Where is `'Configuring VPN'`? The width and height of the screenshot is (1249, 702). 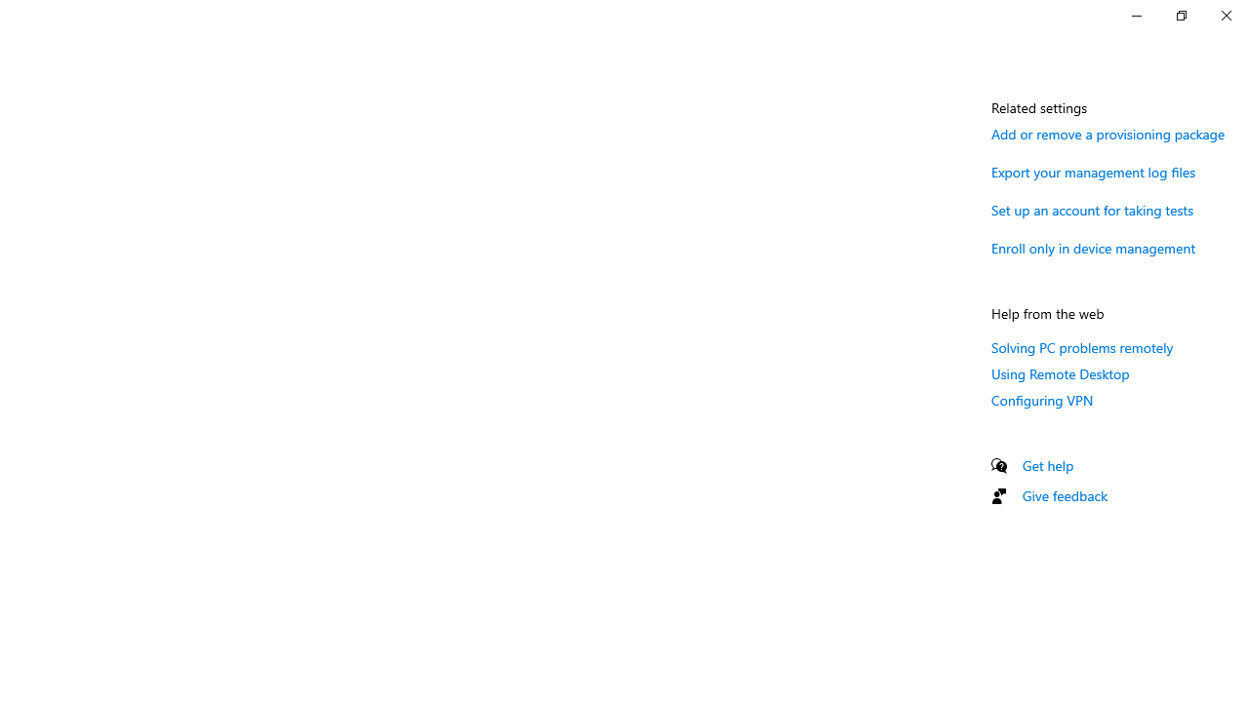 'Configuring VPN' is located at coordinates (1041, 399).